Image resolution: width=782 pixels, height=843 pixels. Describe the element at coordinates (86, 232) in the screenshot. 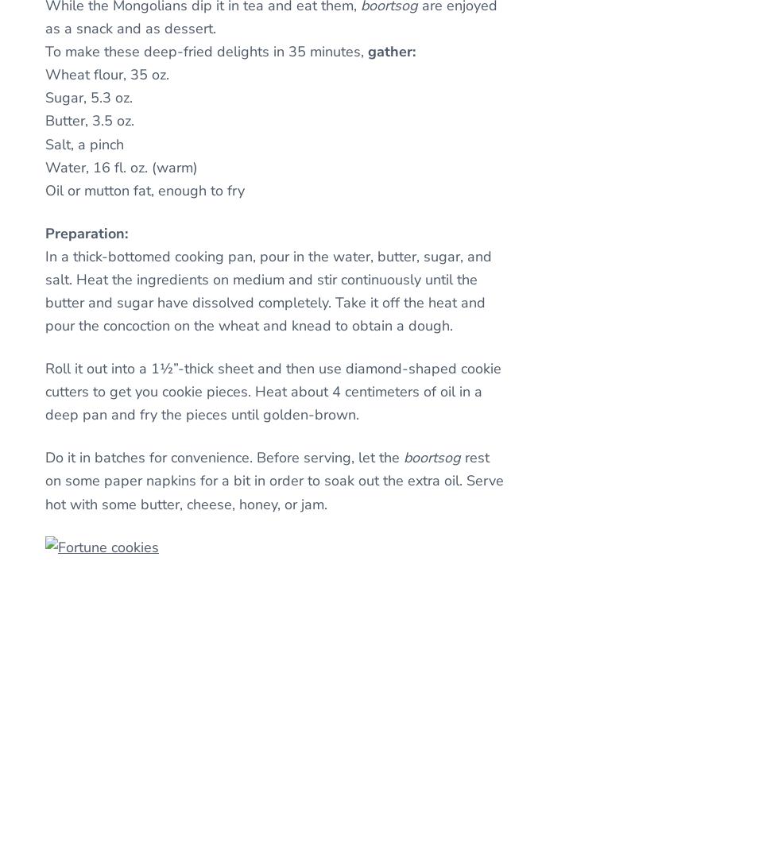

I see `'Preparation:'` at that location.